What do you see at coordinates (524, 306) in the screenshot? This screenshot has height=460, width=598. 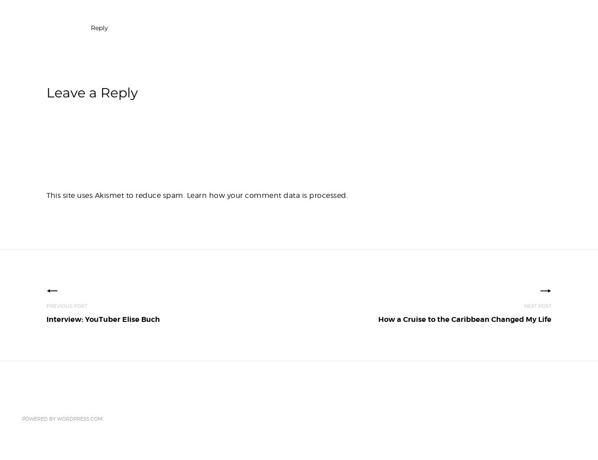 I see `'Next Post'` at bounding box center [524, 306].